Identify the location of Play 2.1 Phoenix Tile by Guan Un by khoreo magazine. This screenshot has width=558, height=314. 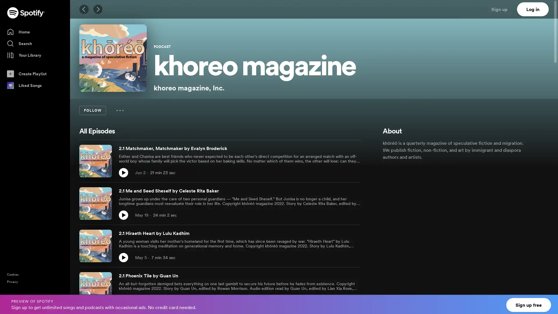
(123, 300).